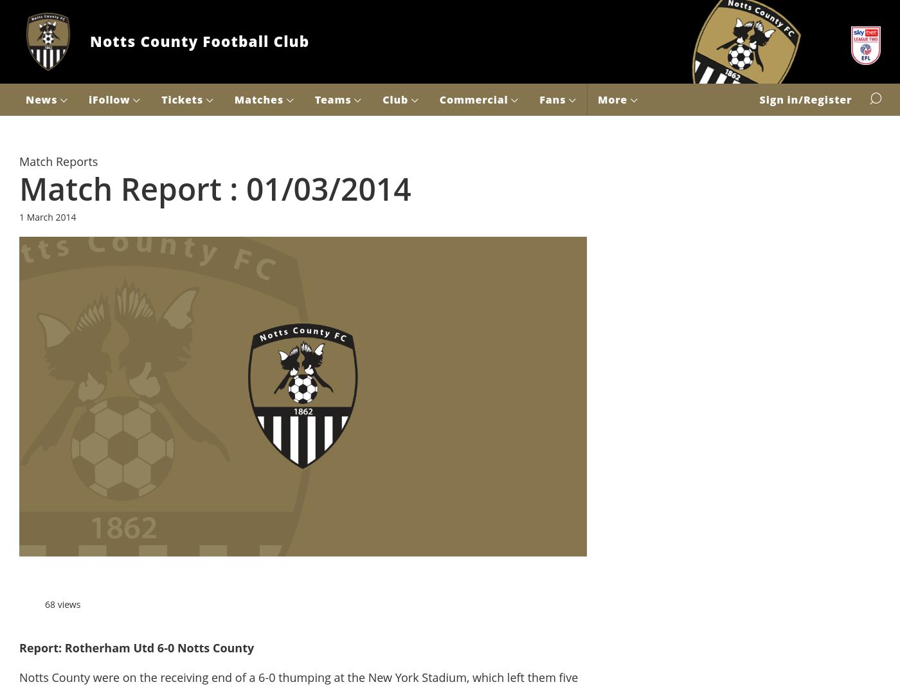 The width and height of the screenshot is (900, 689). I want to click on '68 views', so click(62, 603).